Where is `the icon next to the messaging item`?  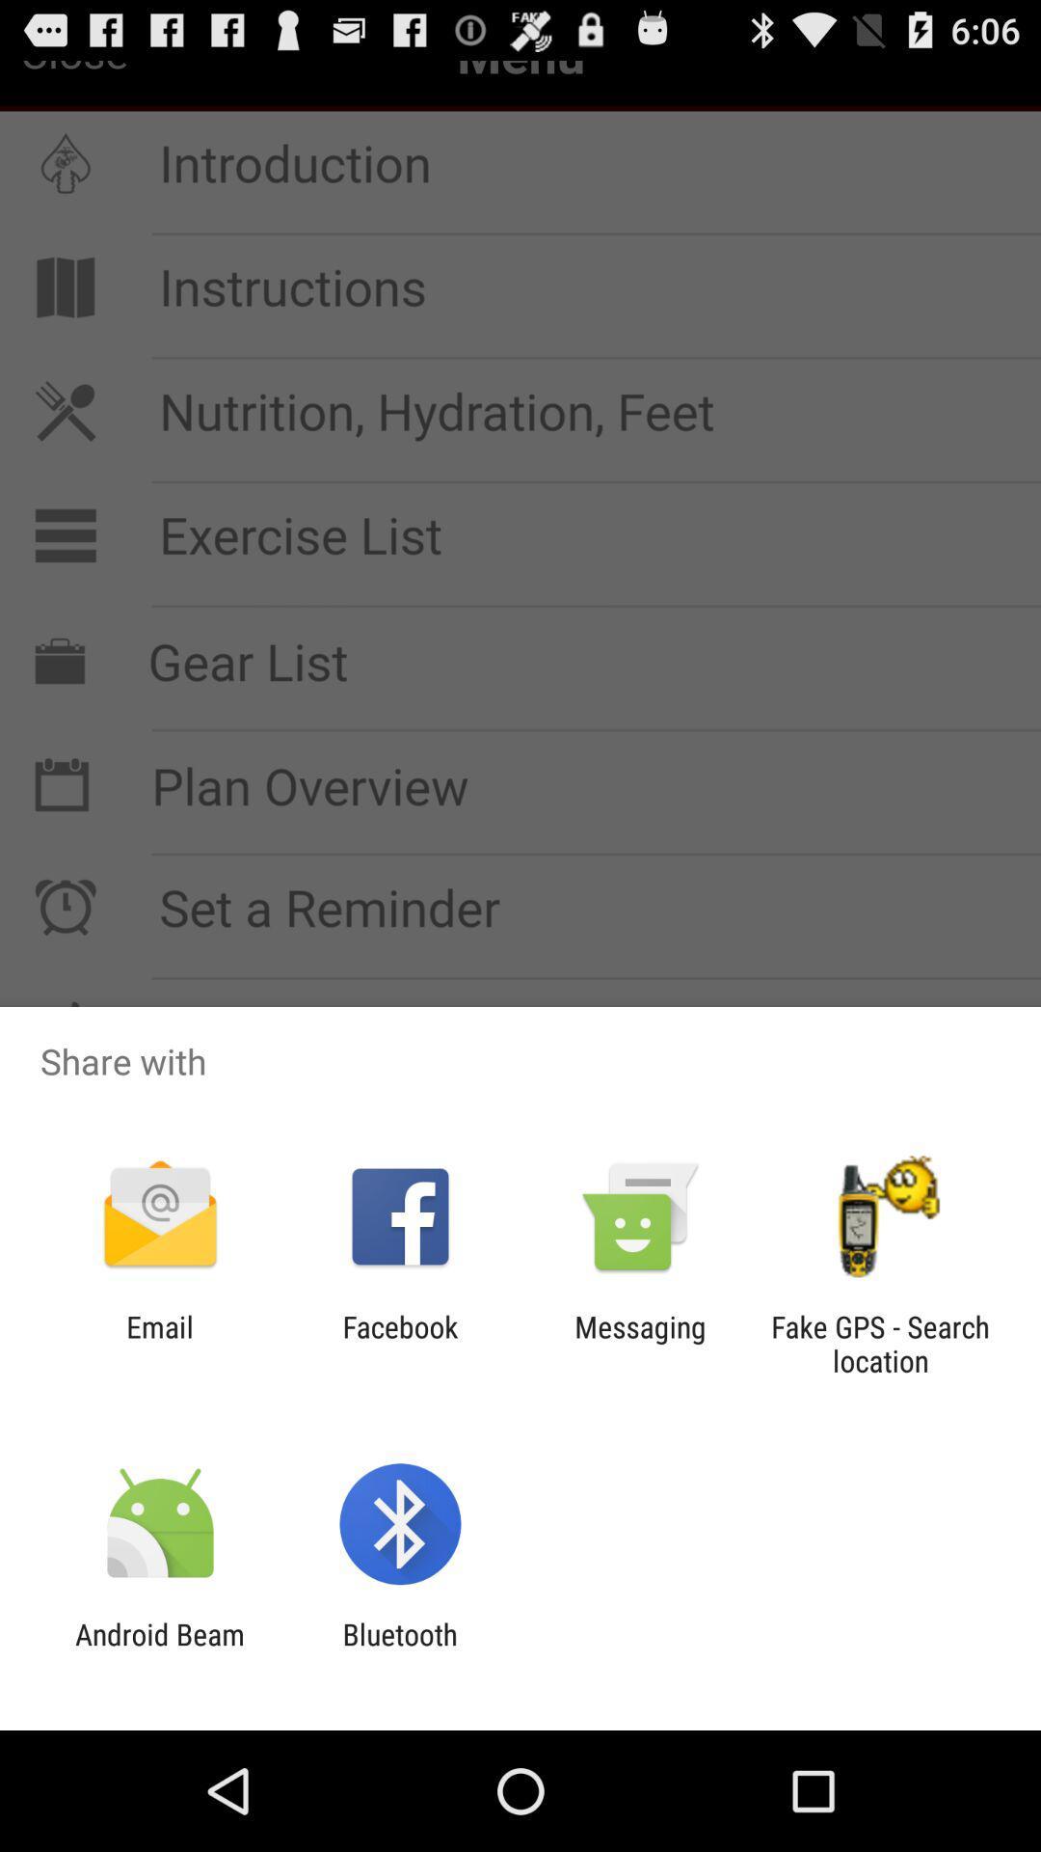 the icon next to the messaging item is located at coordinates (880, 1343).